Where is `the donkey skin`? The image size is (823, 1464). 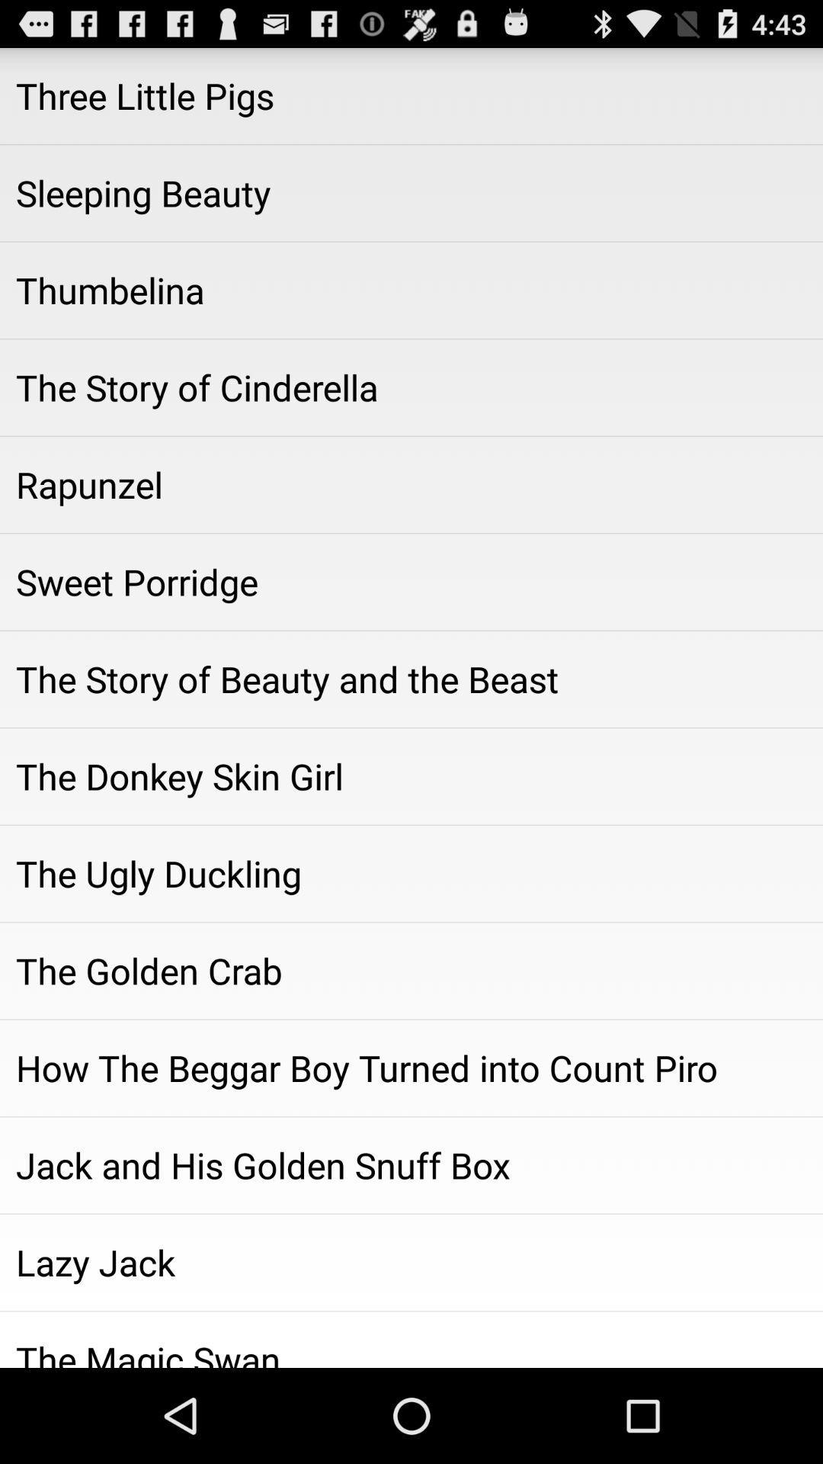 the donkey skin is located at coordinates (411, 776).